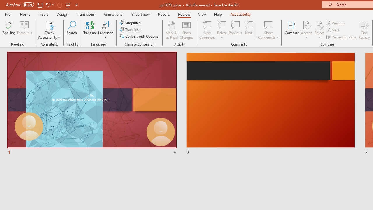 This screenshot has width=373, height=210. What do you see at coordinates (59, 5) in the screenshot?
I see `'Redo'` at bounding box center [59, 5].